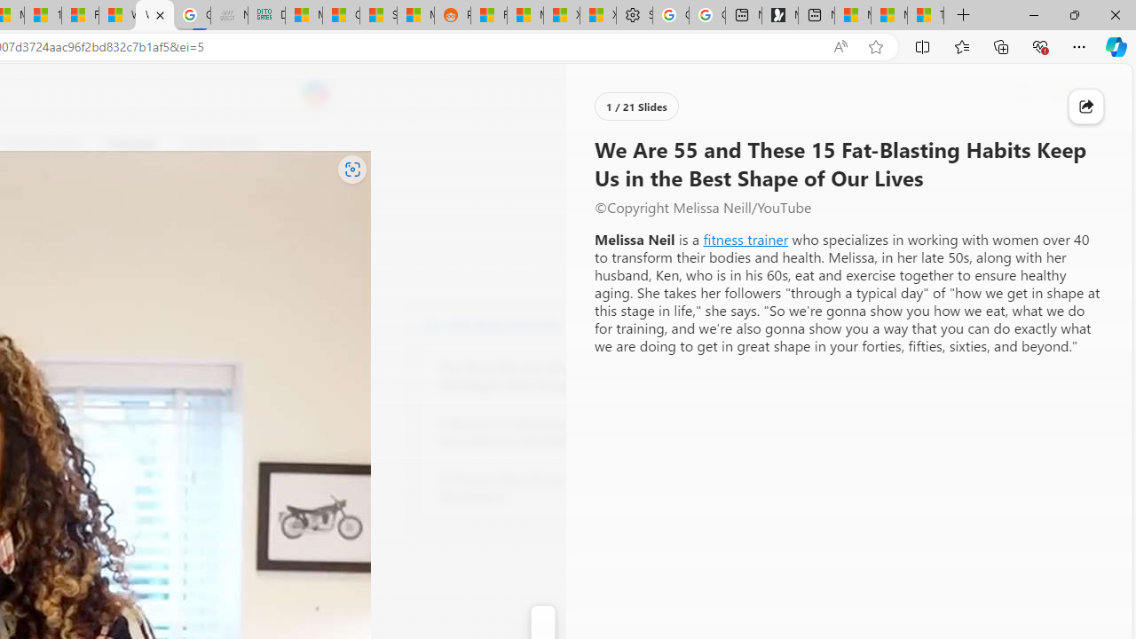 Image resolution: width=1136 pixels, height=639 pixels. Describe the element at coordinates (1085, 106) in the screenshot. I see `'Class: at-item immersive'` at that location.